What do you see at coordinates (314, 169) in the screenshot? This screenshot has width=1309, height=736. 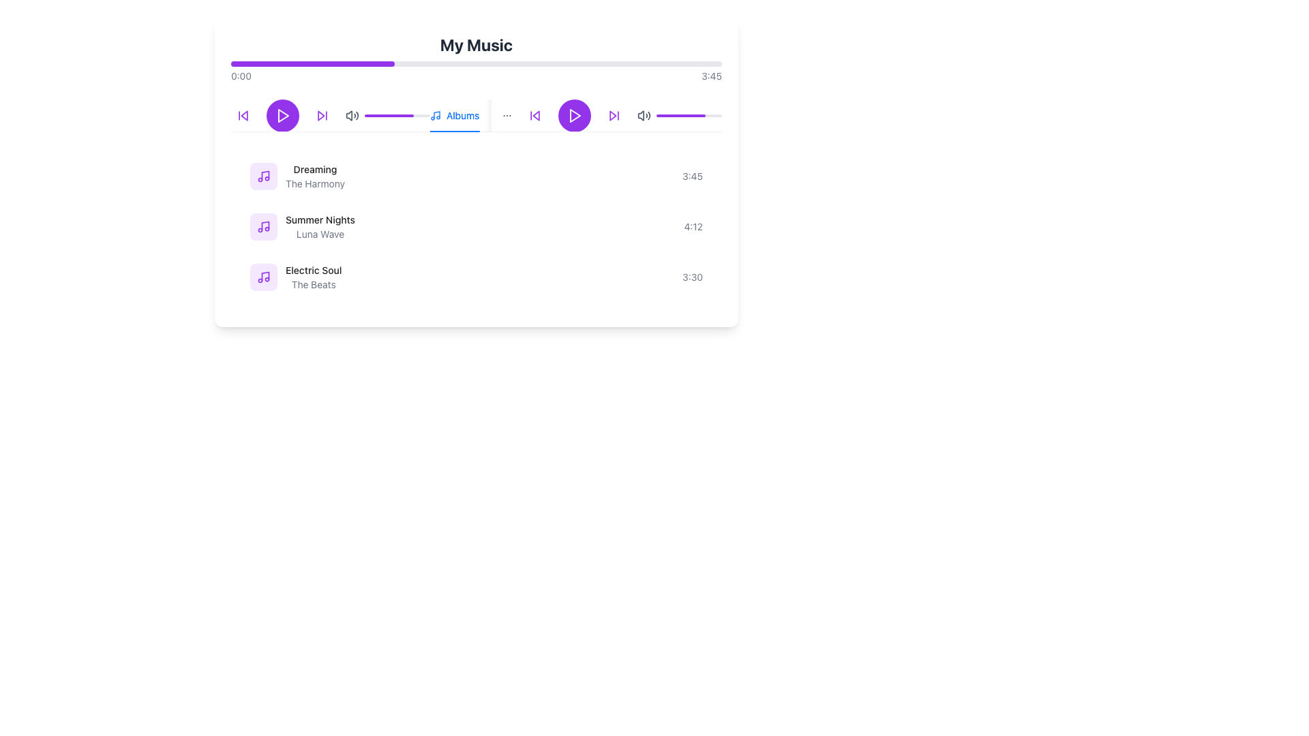 I see `the text label displaying 'Dreaming' which is located under the 'Albums' tab in the music interface` at bounding box center [314, 169].